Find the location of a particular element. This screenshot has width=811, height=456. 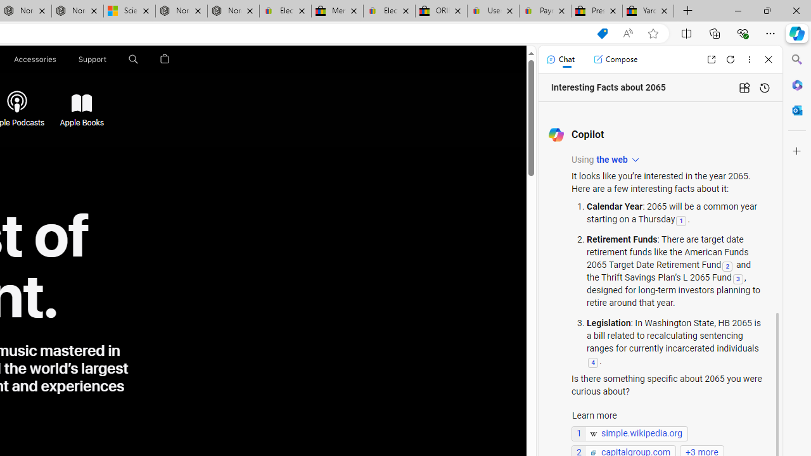

'Shopping Bag' is located at coordinates (164, 59).